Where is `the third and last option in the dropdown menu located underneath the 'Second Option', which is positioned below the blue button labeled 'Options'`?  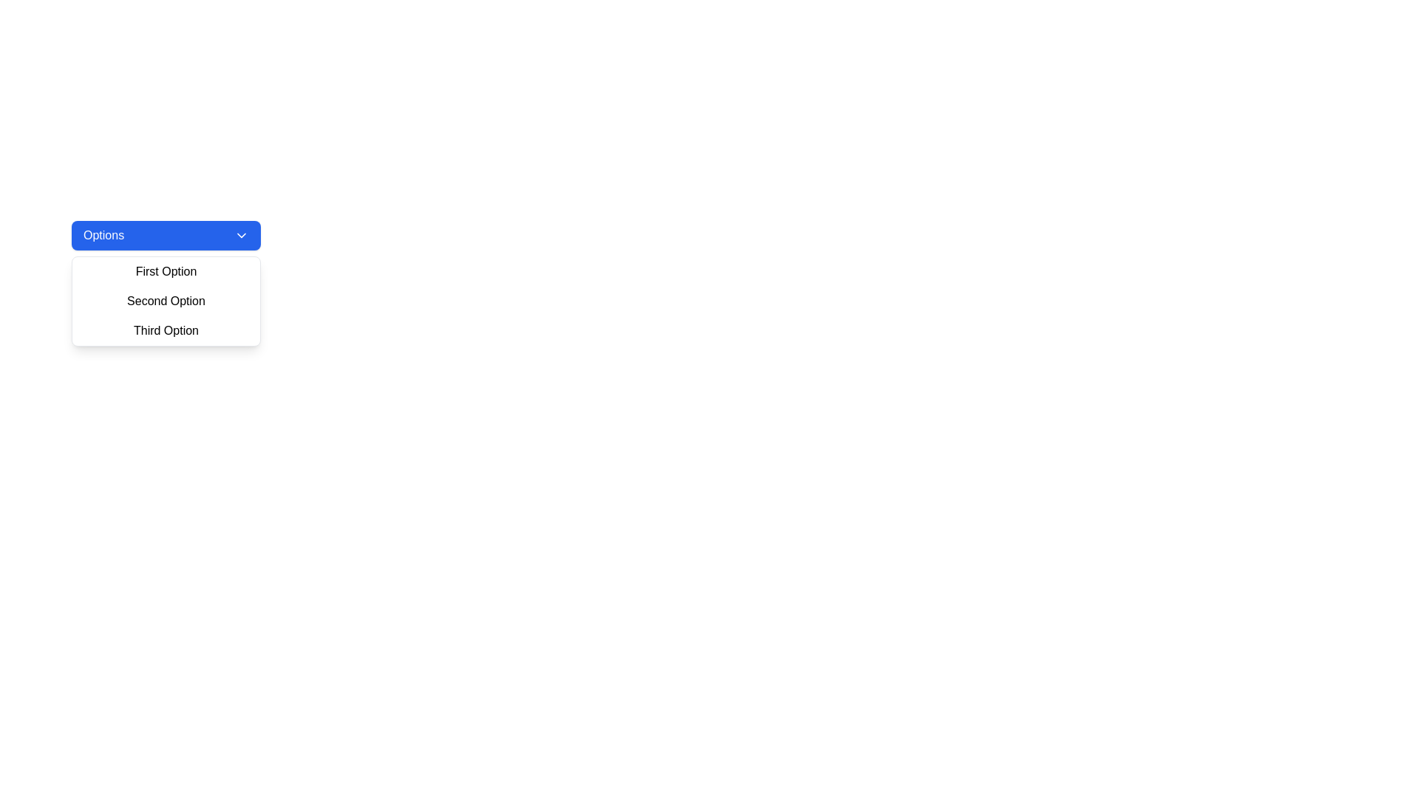
the third and last option in the dropdown menu located underneath the 'Second Option', which is positioned below the blue button labeled 'Options' is located at coordinates (166, 330).